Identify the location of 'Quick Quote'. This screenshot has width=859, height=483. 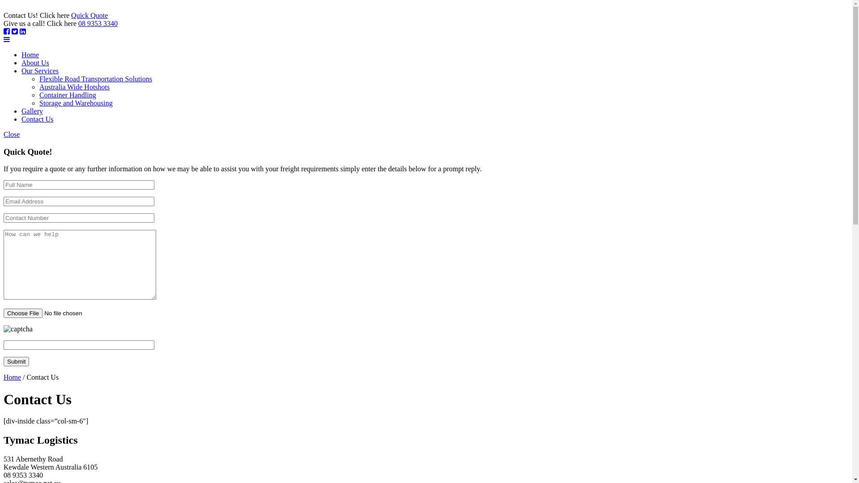
(89, 15).